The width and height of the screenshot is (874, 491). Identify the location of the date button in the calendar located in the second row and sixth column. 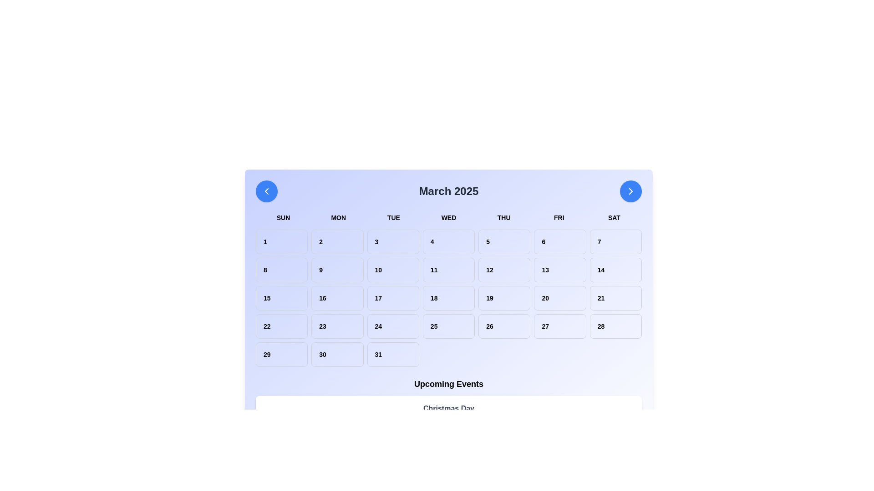
(615, 270).